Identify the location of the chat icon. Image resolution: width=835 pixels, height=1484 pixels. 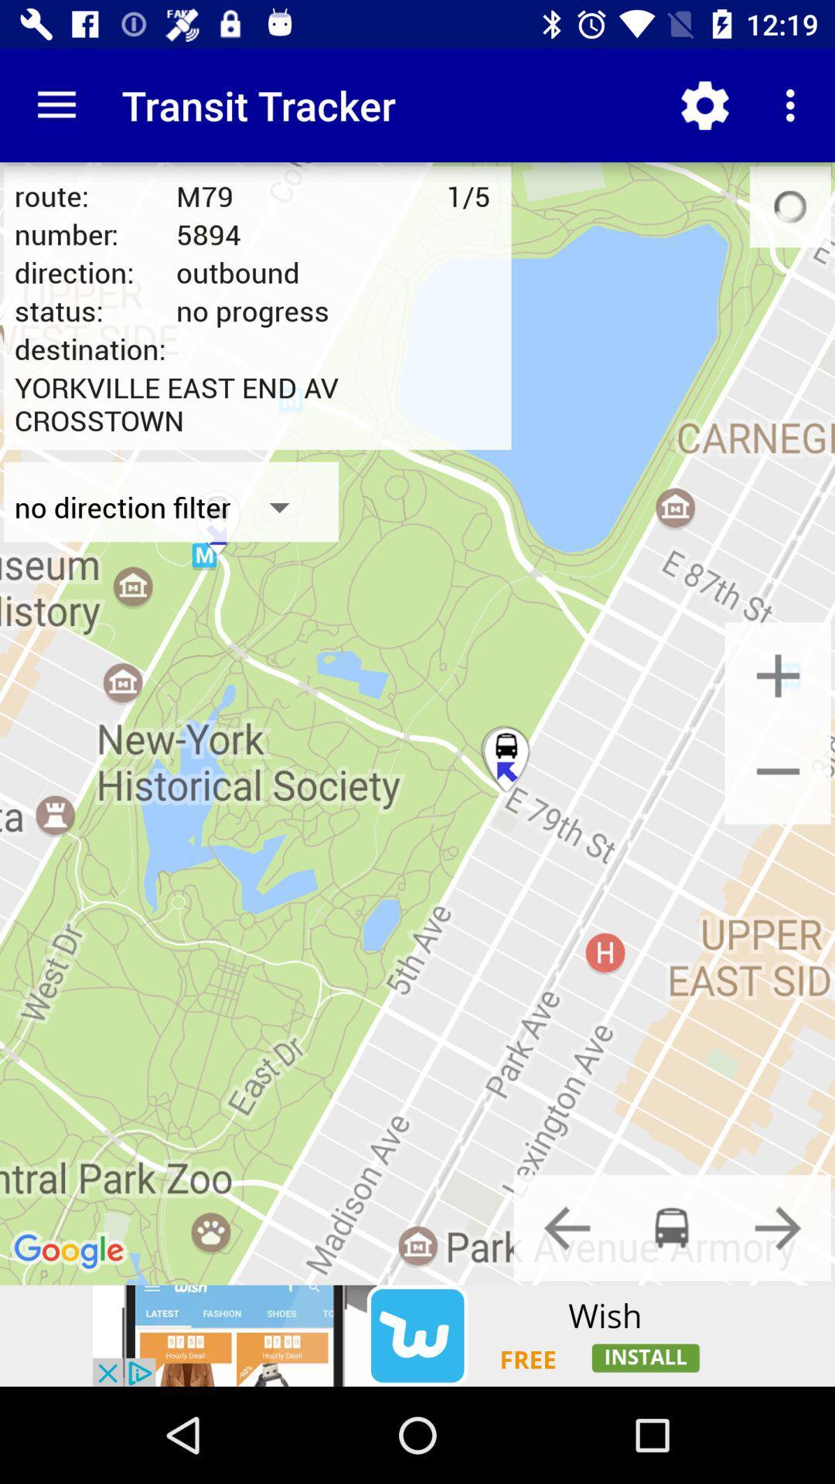
(671, 1227).